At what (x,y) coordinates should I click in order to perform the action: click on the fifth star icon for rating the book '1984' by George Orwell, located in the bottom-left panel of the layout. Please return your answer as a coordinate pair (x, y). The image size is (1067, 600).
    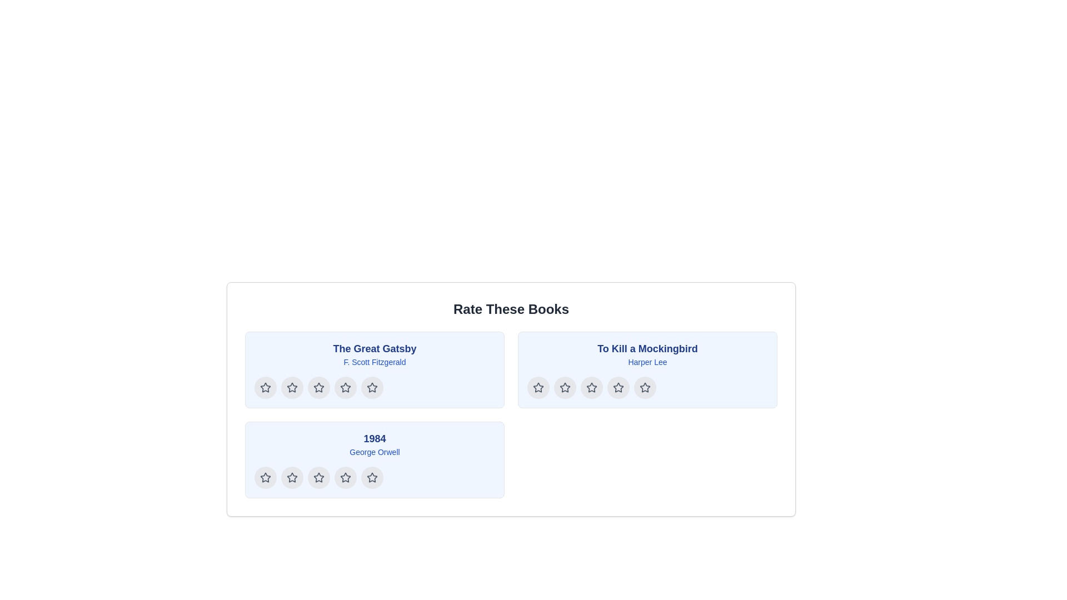
    Looking at the image, I should click on (372, 477).